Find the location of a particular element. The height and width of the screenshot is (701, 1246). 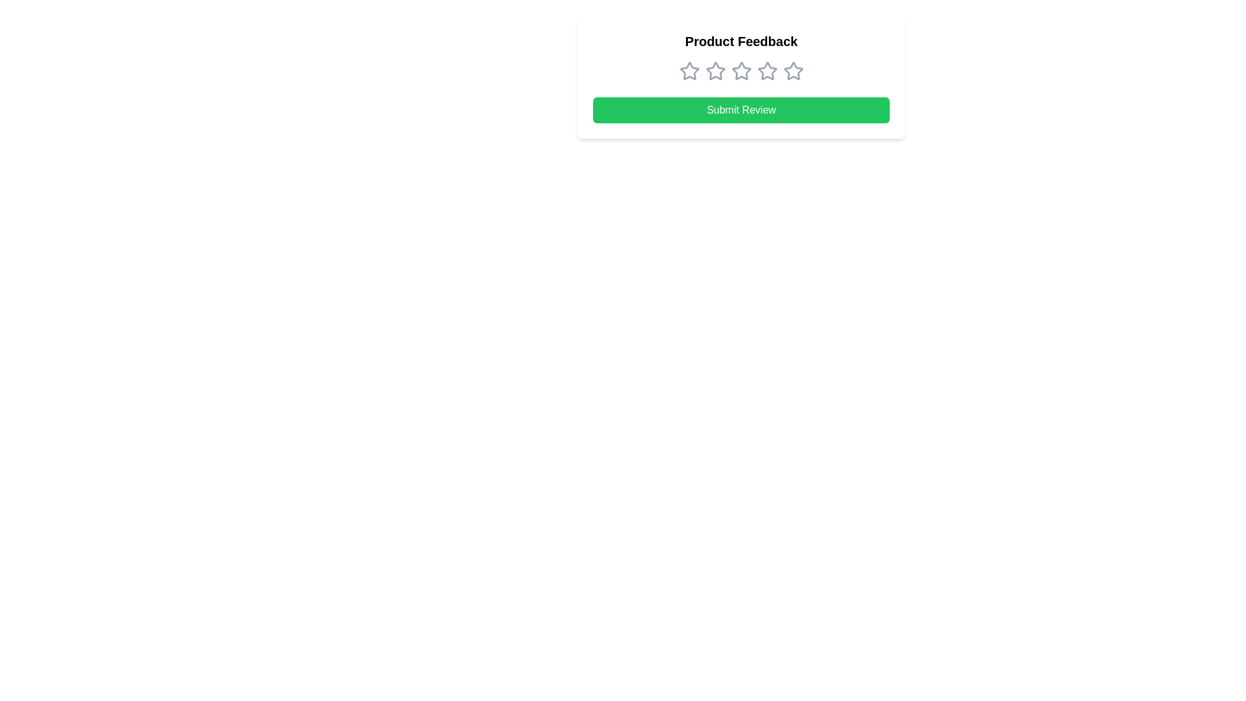

the star rating interface in the 'Product Feedback' section is located at coordinates (741, 77).